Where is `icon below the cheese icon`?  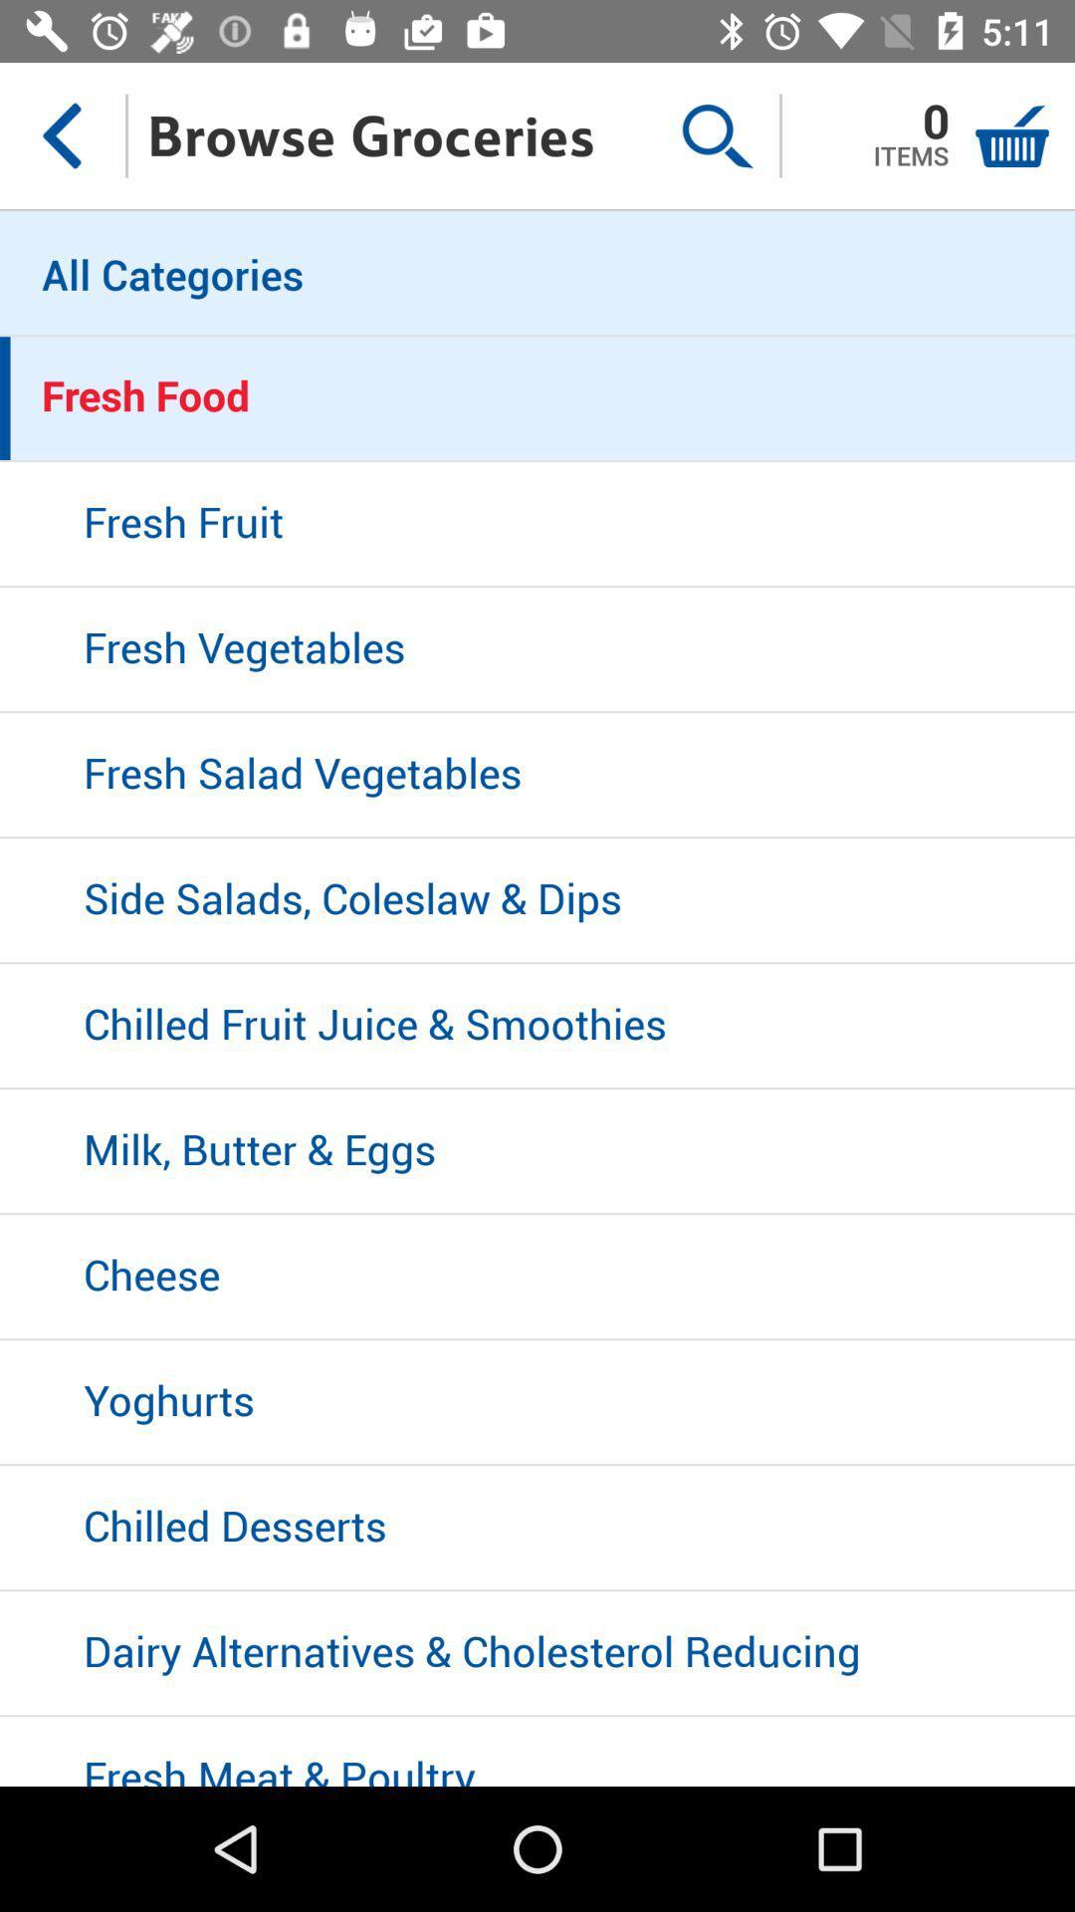 icon below the cheese icon is located at coordinates (537, 1402).